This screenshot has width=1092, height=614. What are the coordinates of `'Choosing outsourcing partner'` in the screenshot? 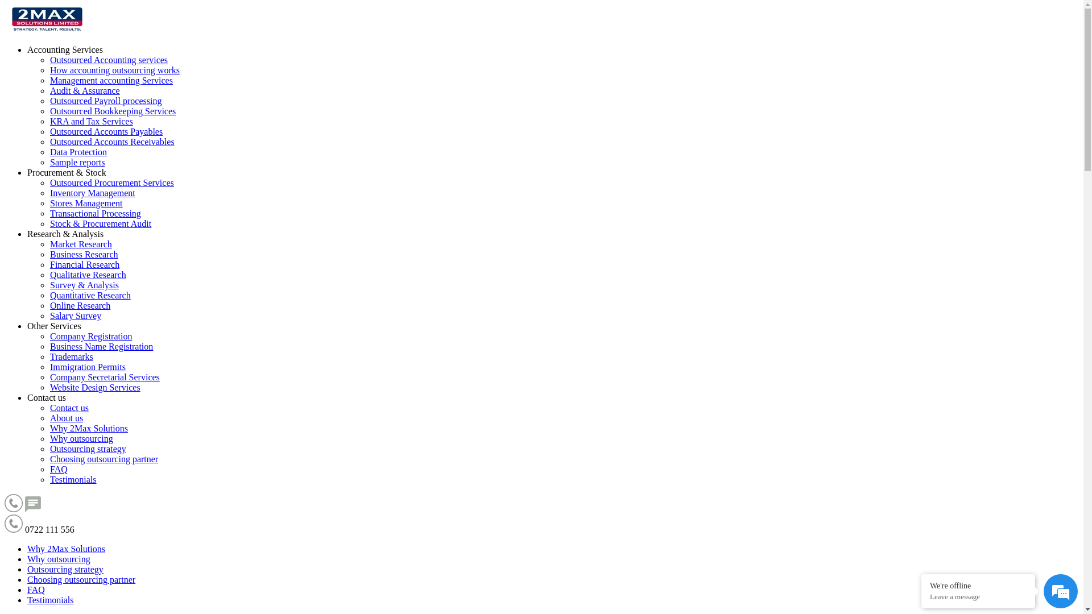 It's located at (104, 458).